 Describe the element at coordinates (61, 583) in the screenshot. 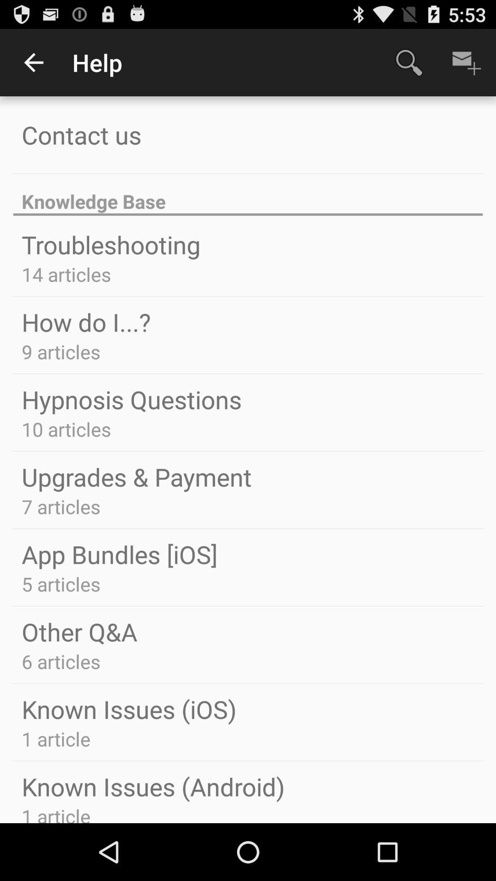

I see `5 articles item` at that location.